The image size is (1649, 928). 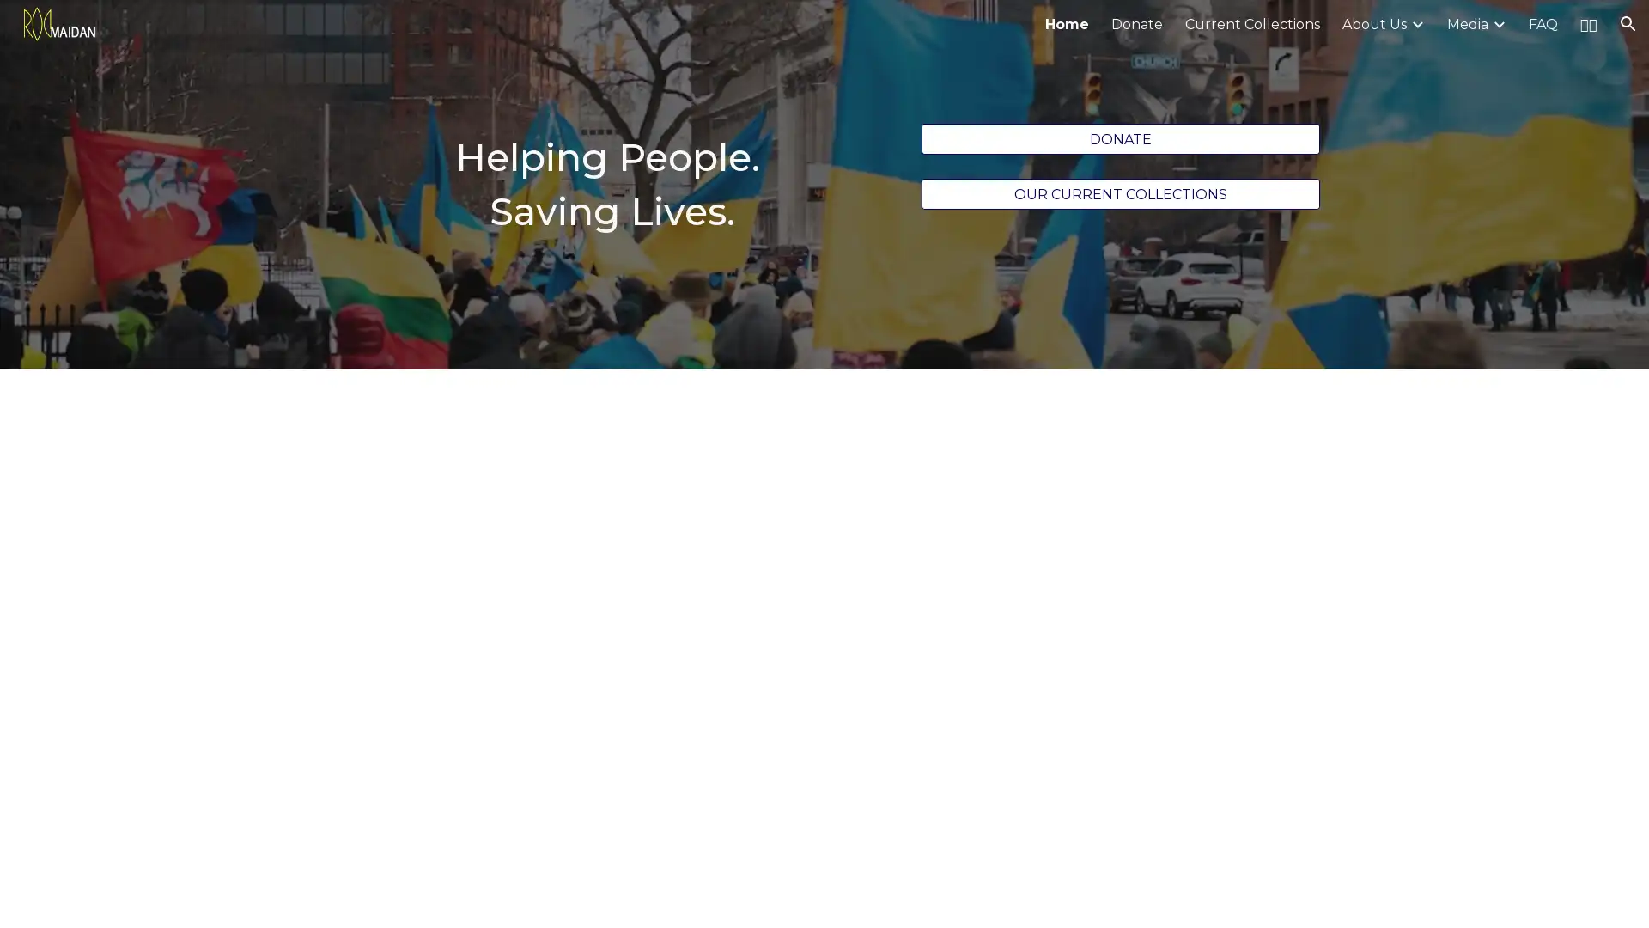 What do you see at coordinates (206, 897) in the screenshot?
I see `Report abuse` at bounding box center [206, 897].